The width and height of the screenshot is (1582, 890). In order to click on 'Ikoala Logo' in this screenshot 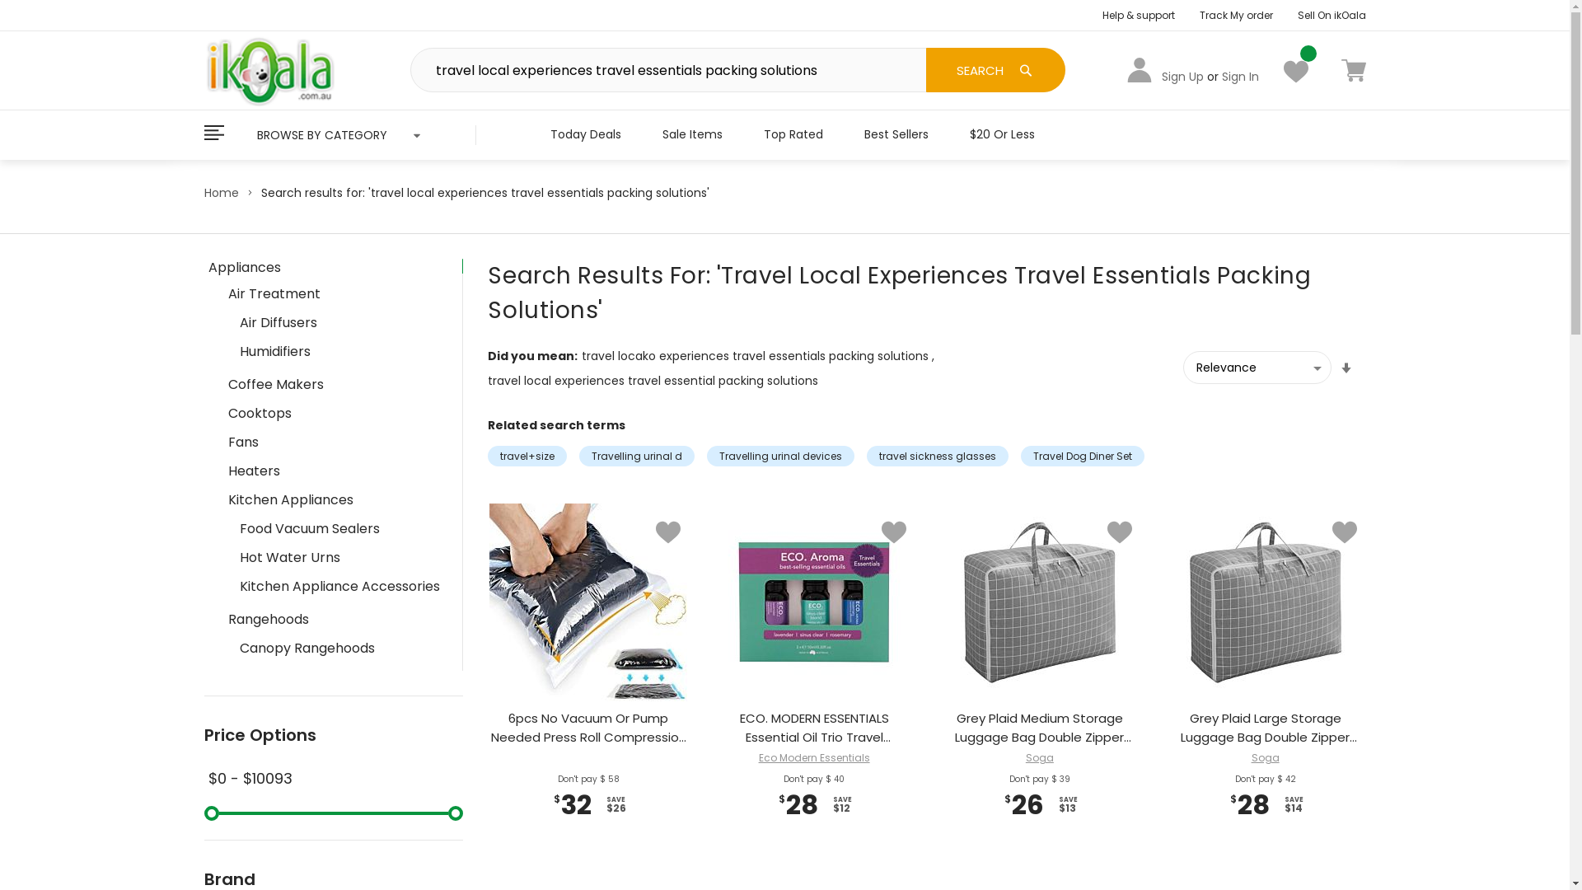, I will do `click(270, 68)`.